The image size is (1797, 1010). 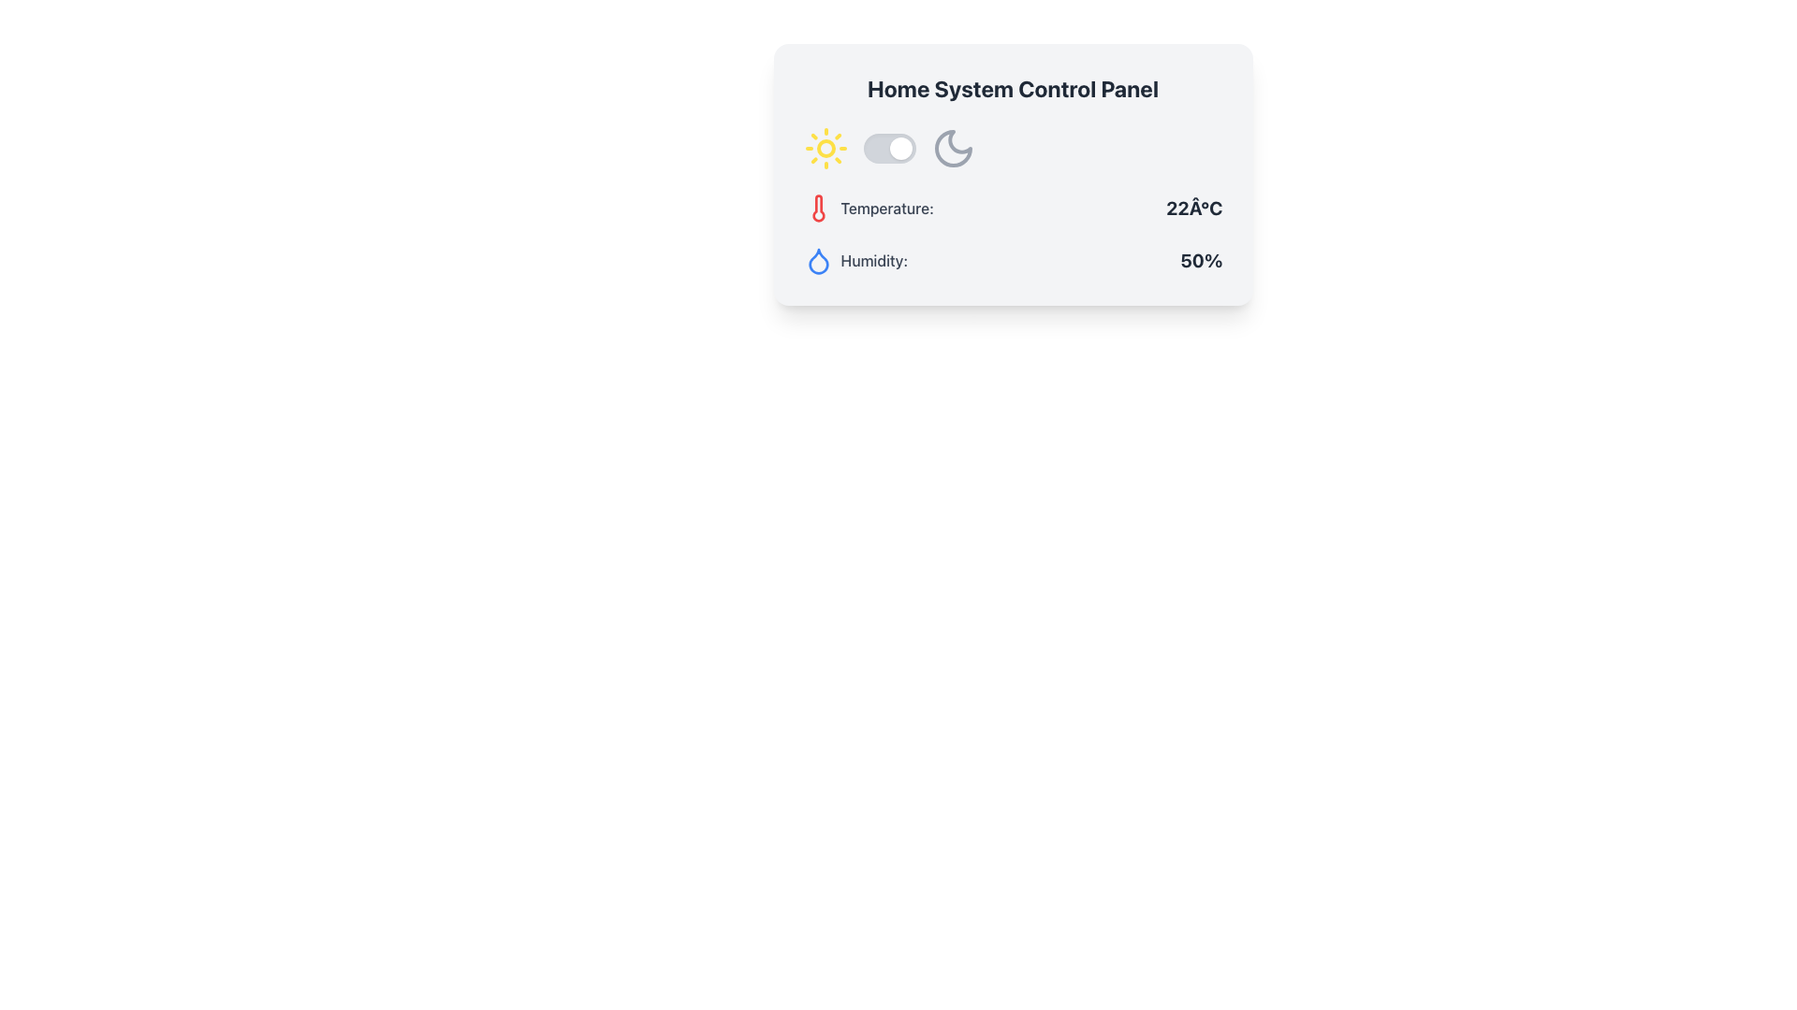 What do you see at coordinates (873, 260) in the screenshot?
I see `the text label displaying 'Humidity:' which is styled in a medium-weight gray font, located near the bottom of the panel, to the right of a water droplet icon` at bounding box center [873, 260].